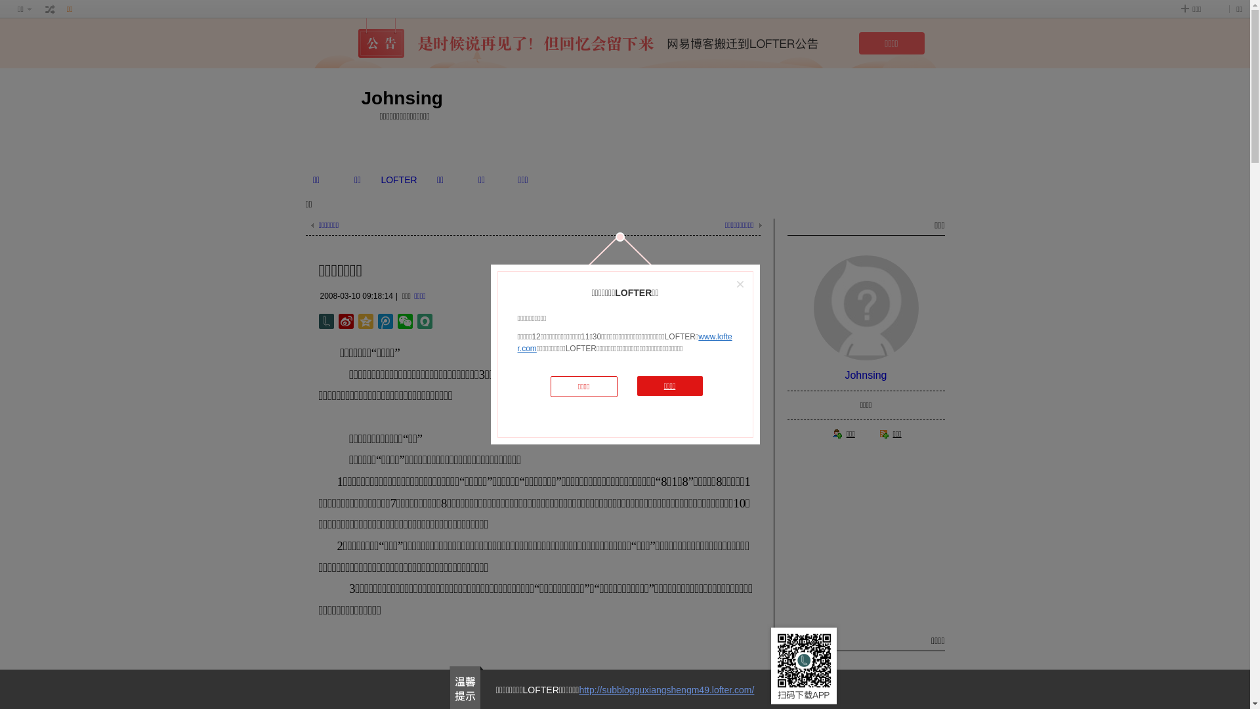 The width and height of the screenshot is (1260, 709). I want to click on 'www.lofter.com', so click(623, 341).